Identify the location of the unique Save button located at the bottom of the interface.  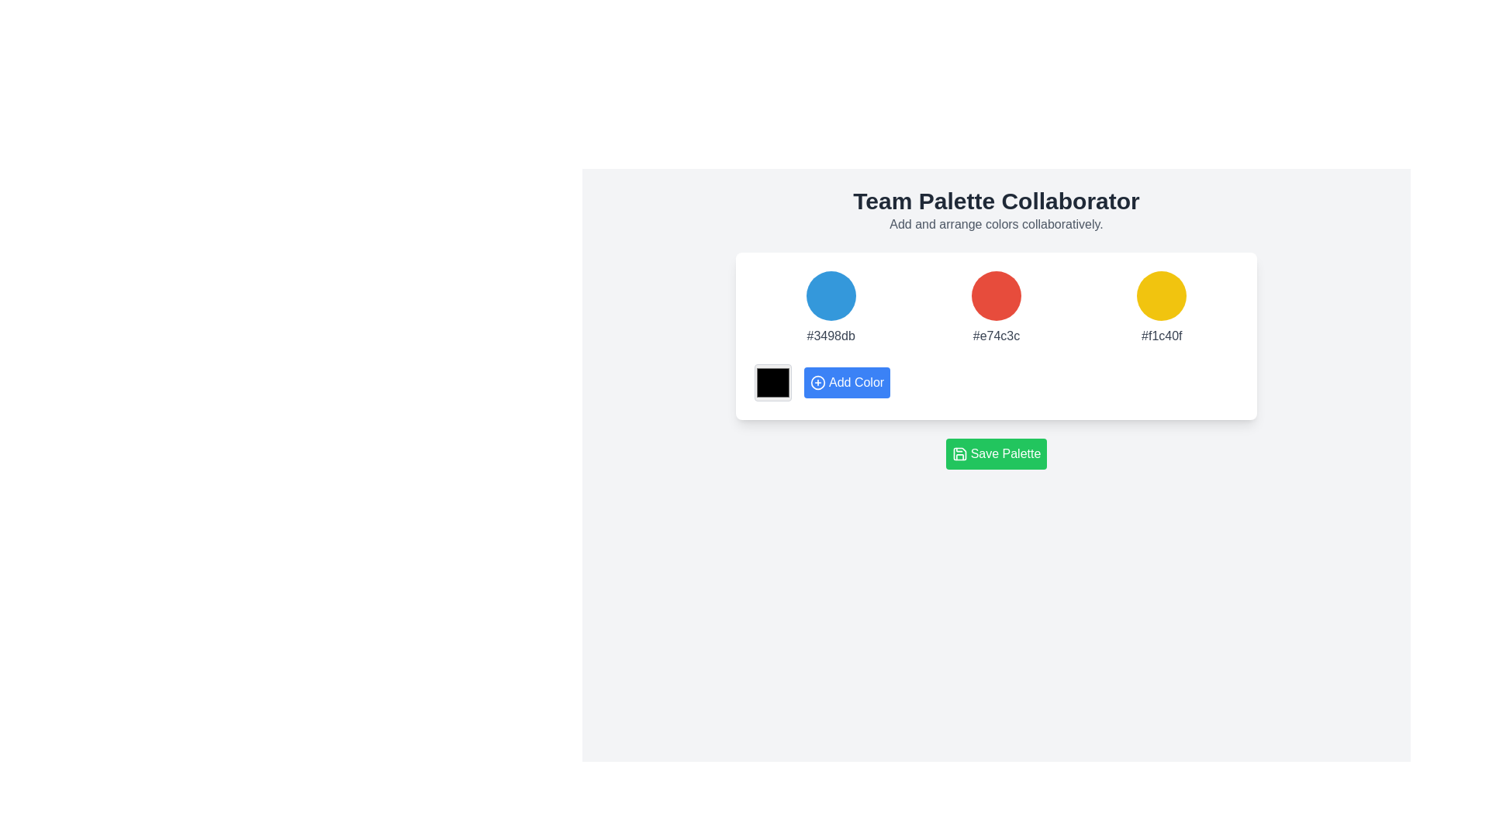
(997, 453).